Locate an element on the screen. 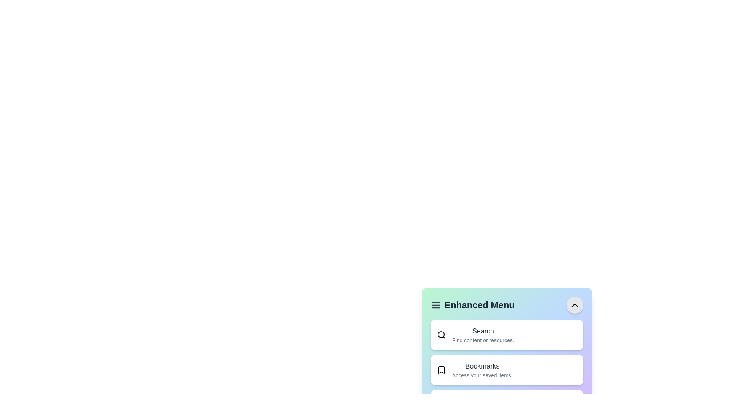  the button with the upward chevron icon to collapse the menu is located at coordinates (575, 304).